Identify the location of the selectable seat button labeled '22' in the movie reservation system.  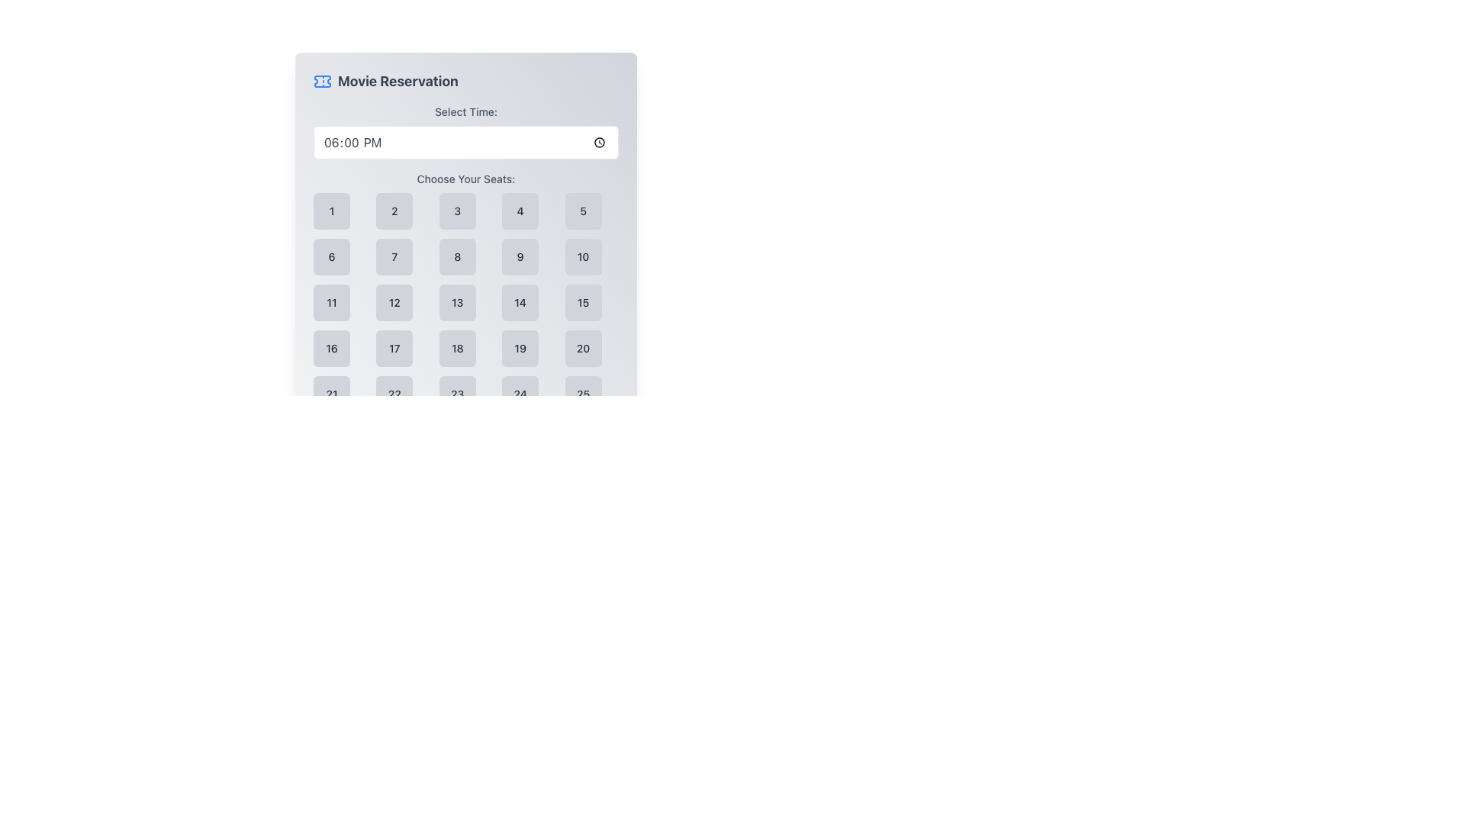
(394, 393).